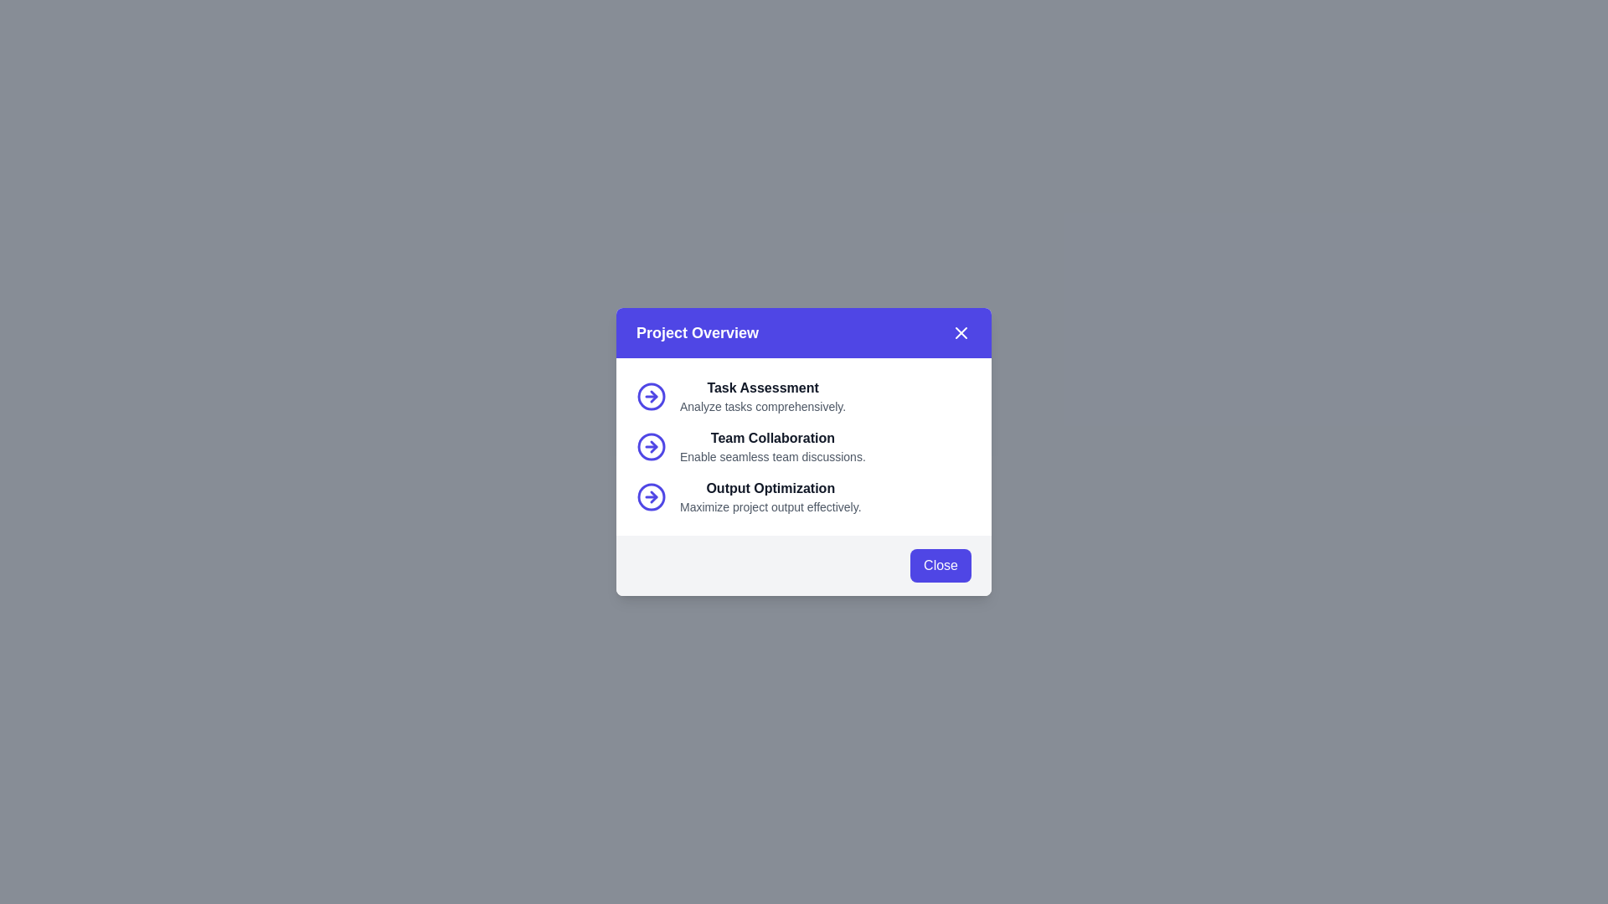  What do you see at coordinates (941, 565) in the screenshot?
I see `the close button located at the bottom-right corner of the 'Project Overview' modal dialog` at bounding box center [941, 565].